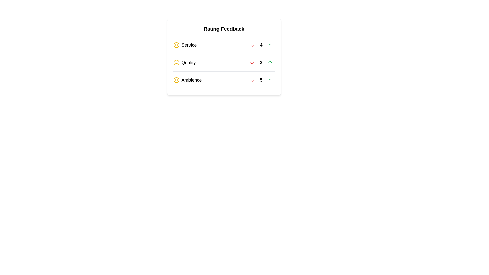  What do you see at coordinates (270, 45) in the screenshot?
I see `the upward green arrow icon located to the far right of the 'Service' row in the 'Rating Feedback' section` at bounding box center [270, 45].